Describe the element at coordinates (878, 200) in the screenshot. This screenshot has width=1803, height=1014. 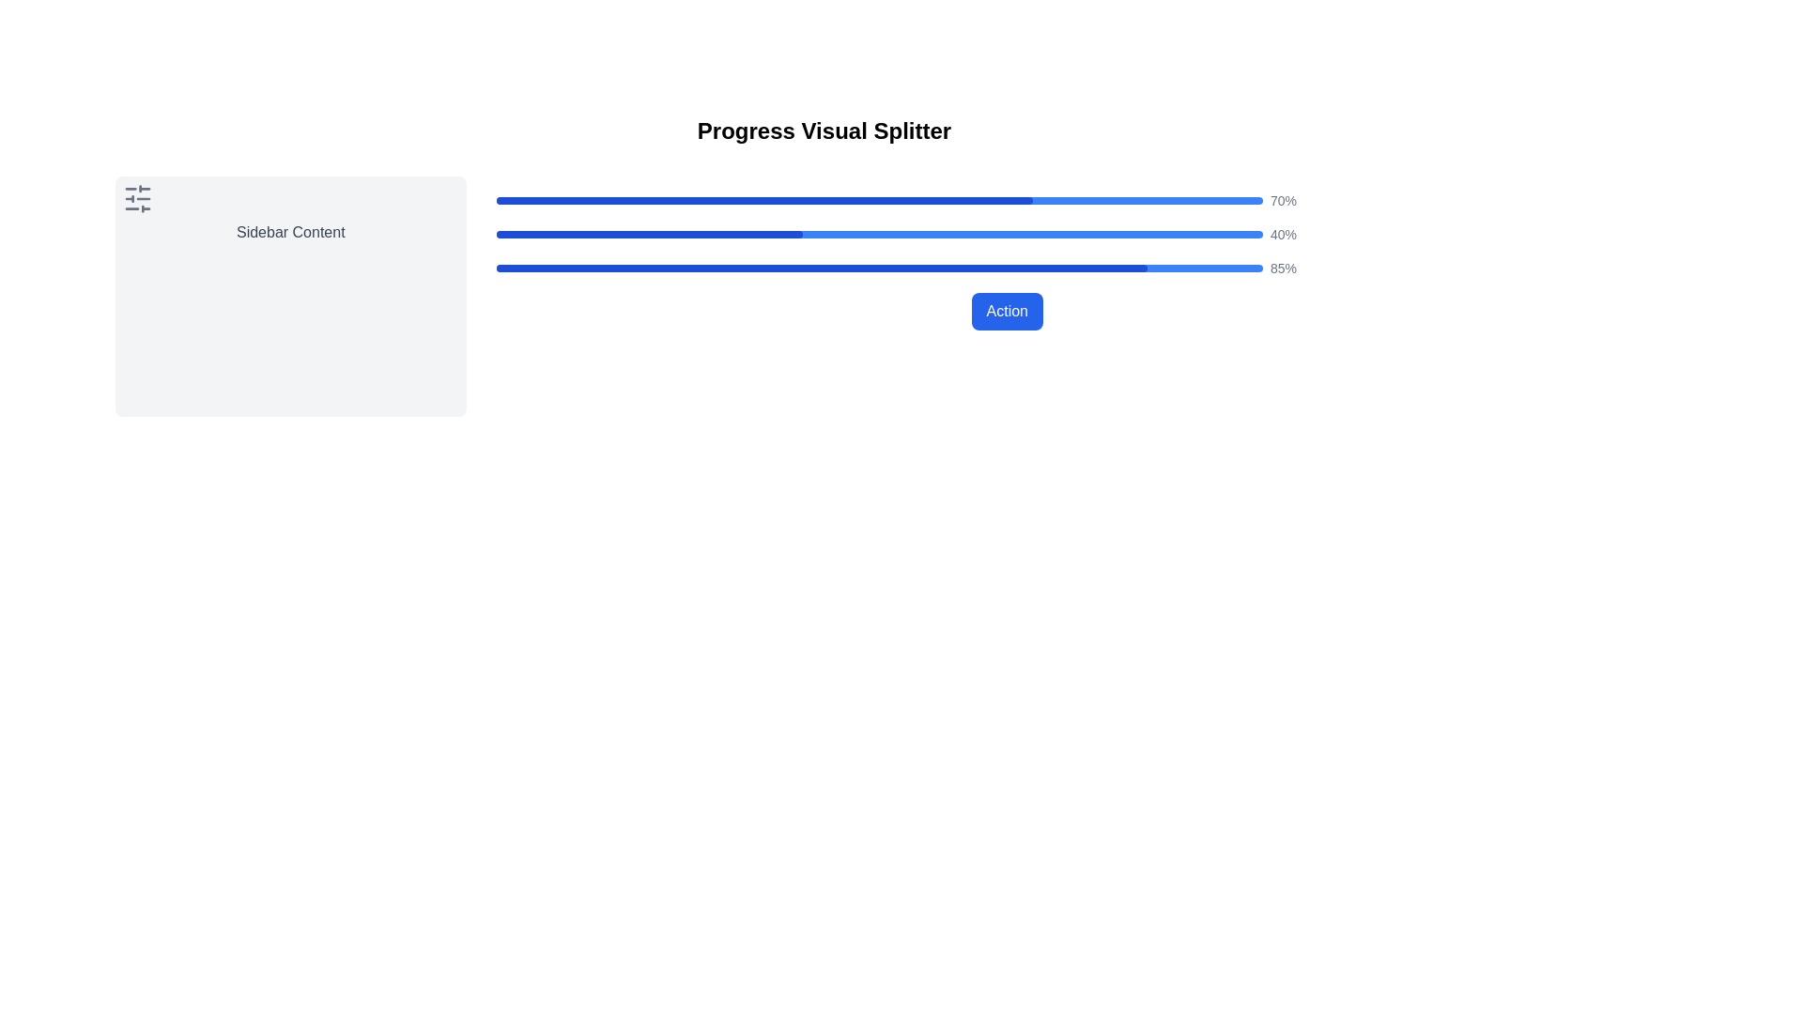
I see `the first progress bar located below the heading 'Progress Visual Splitter', which visually indicates a progress state with a percentage of '70%' aligned to its right` at that location.